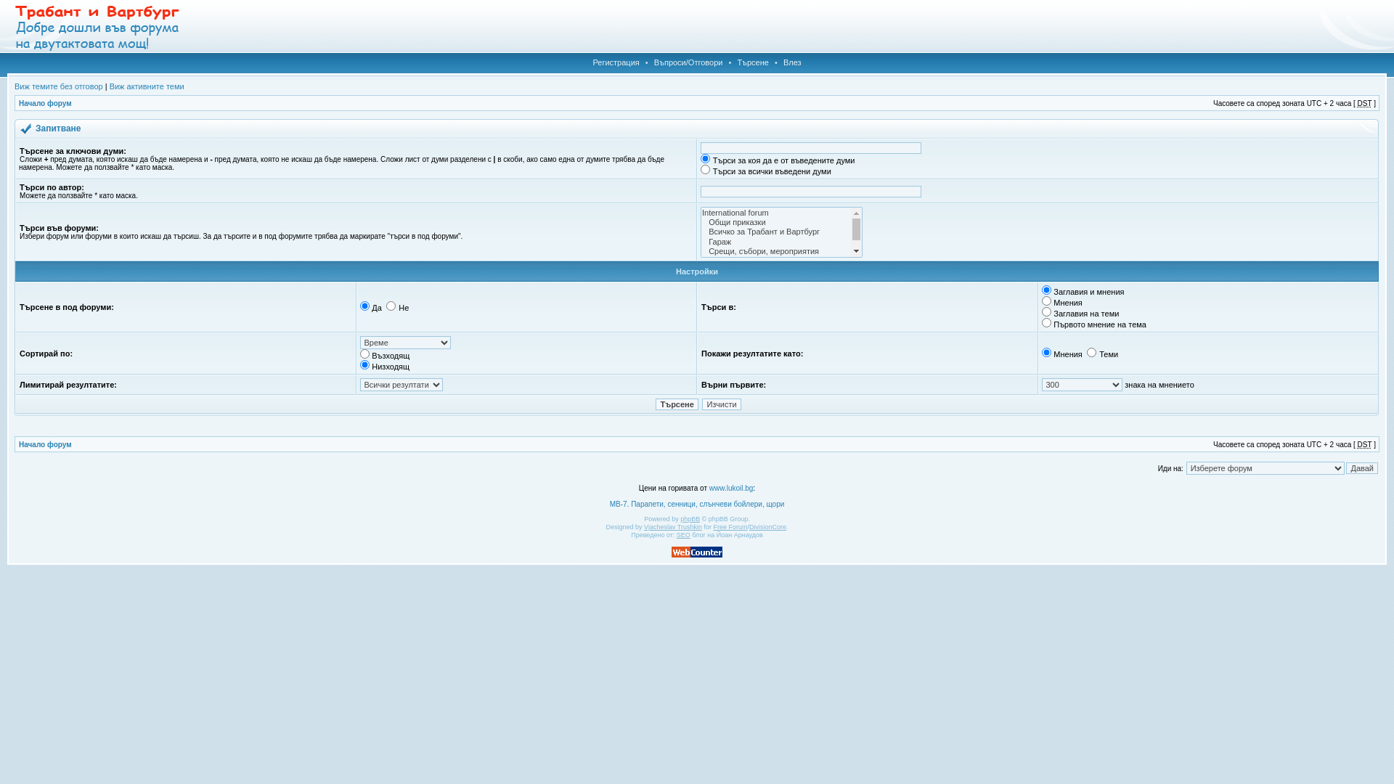 The width and height of the screenshot is (1394, 784). I want to click on 'www.lukoil.bg', so click(731, 488).